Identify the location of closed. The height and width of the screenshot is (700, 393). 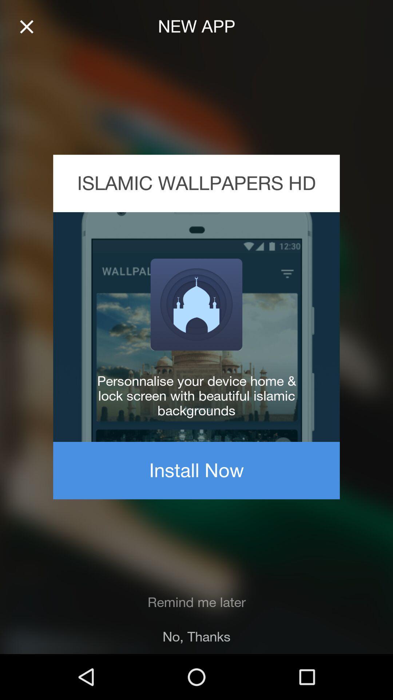
(26, 27).